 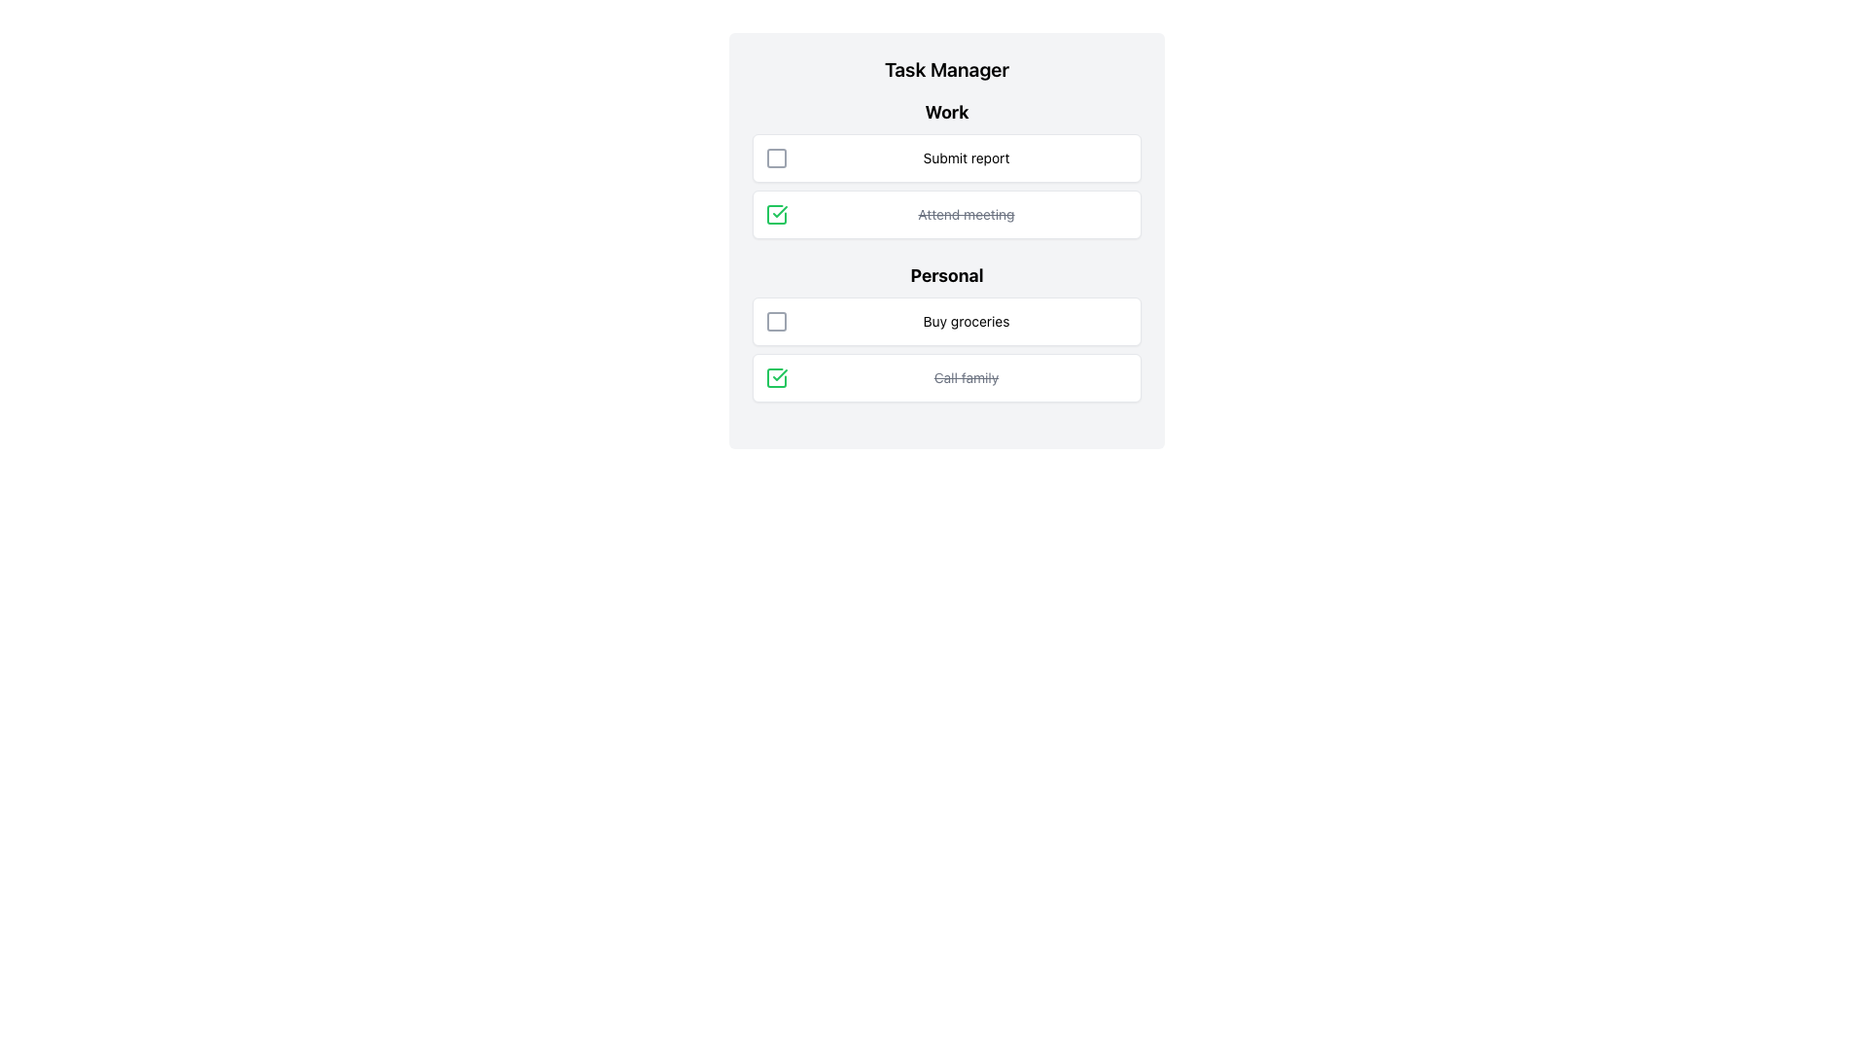 What do you see at coordinates (775, 157) in the screenshot?
I see `the checkbox for 'Submit report' in the task manager interface` at bounding box center [775, 157].